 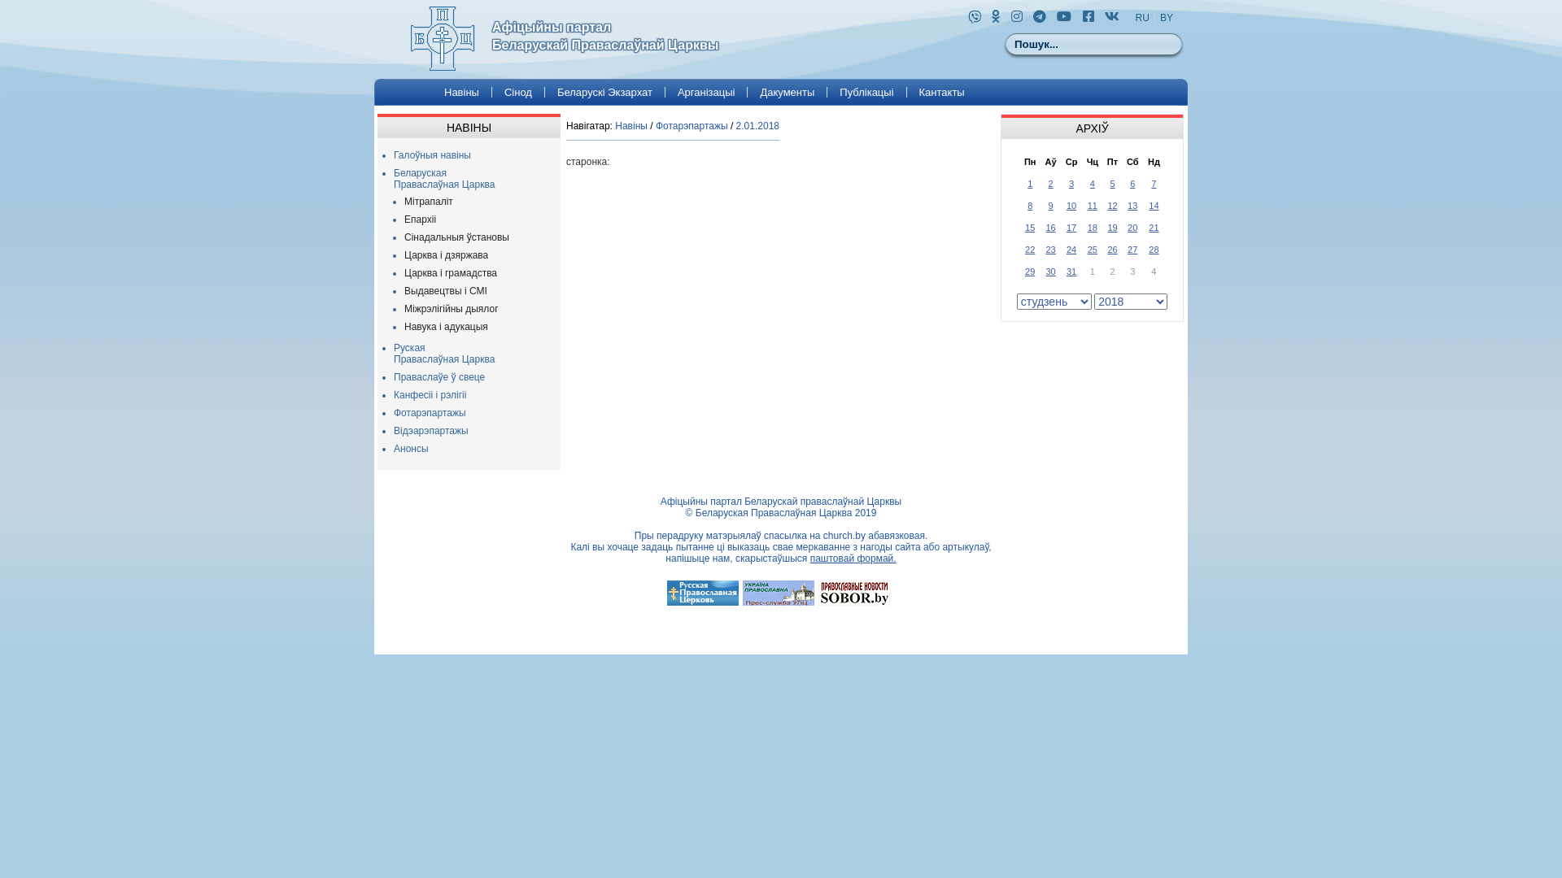 I want to click on '24', so click(x=1066, y=248).